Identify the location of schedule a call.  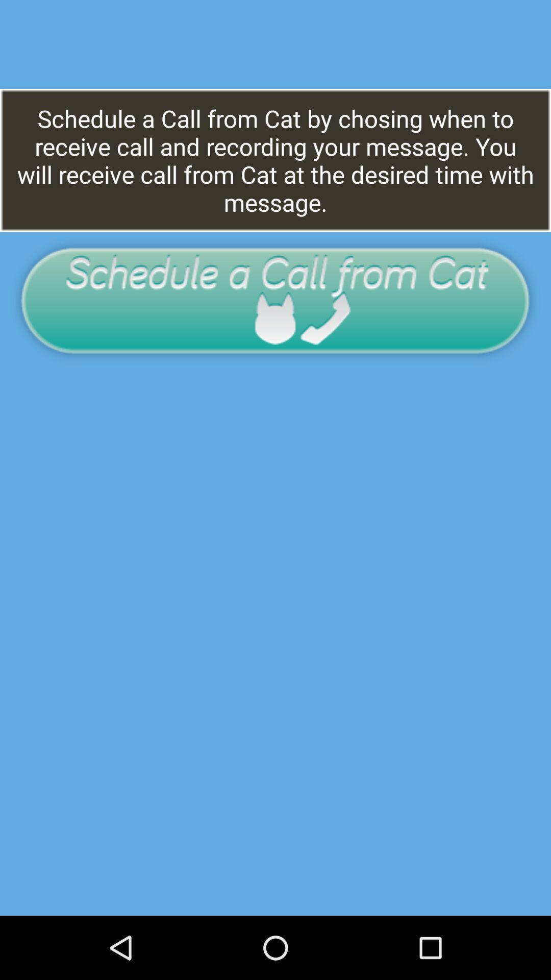
(274, 300).